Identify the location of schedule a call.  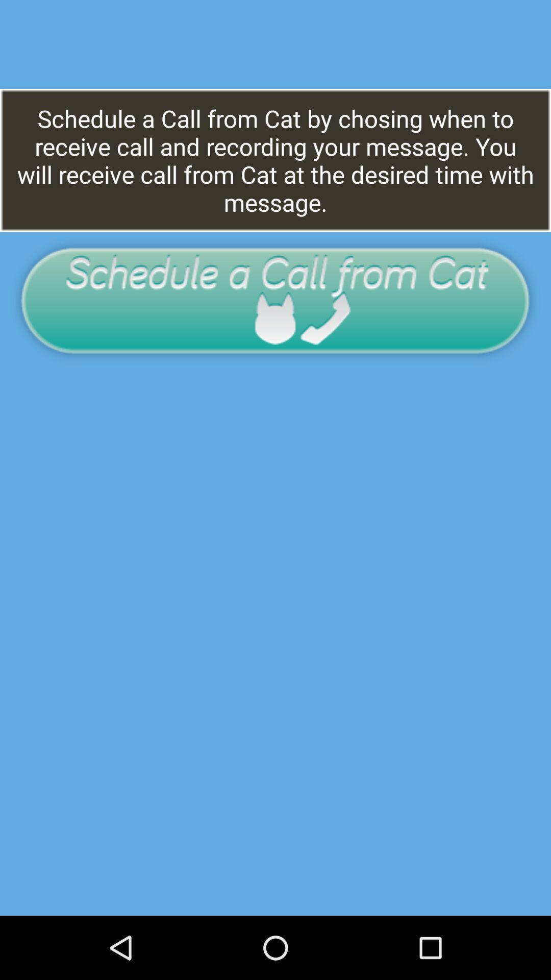
(274, 300).